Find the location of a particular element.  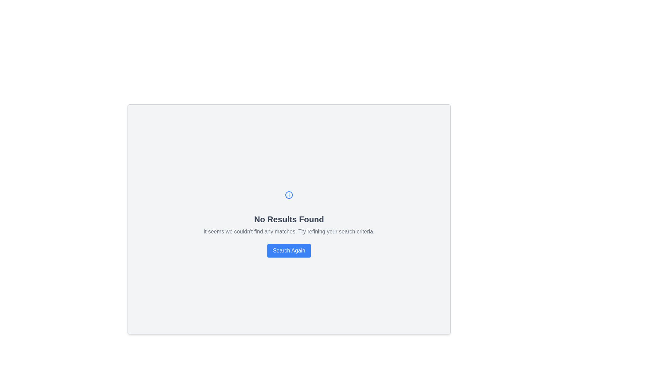

the search reinitiate button located below the message 'It seems we couldn't find any matches. Try refining your search criteria.' to change its color is located at coordinates (289, 250).